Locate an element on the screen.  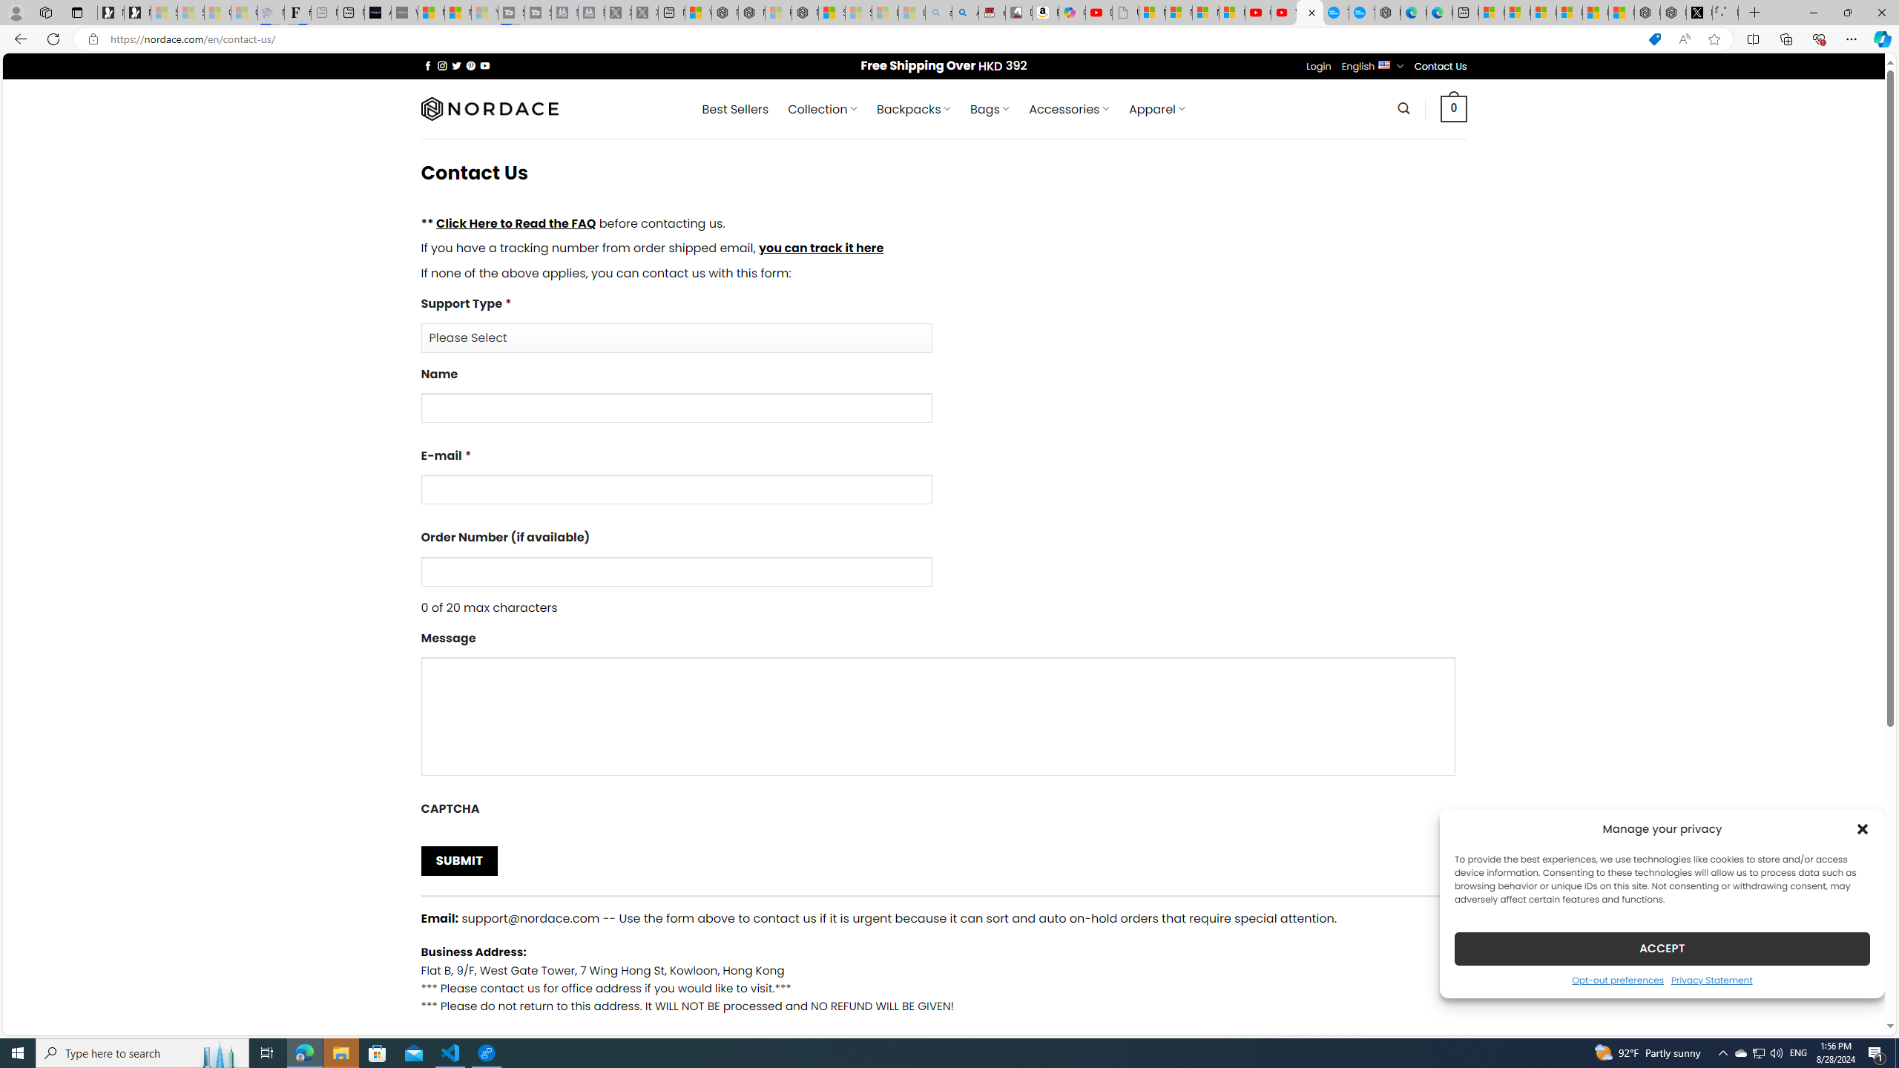
'Nordace - Nordace has arrived Hong Kong' is located at coordinates (1388, 12).